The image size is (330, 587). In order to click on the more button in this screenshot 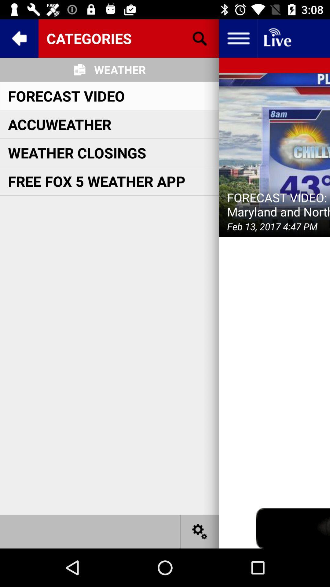, I will do `click(238, 38)`.